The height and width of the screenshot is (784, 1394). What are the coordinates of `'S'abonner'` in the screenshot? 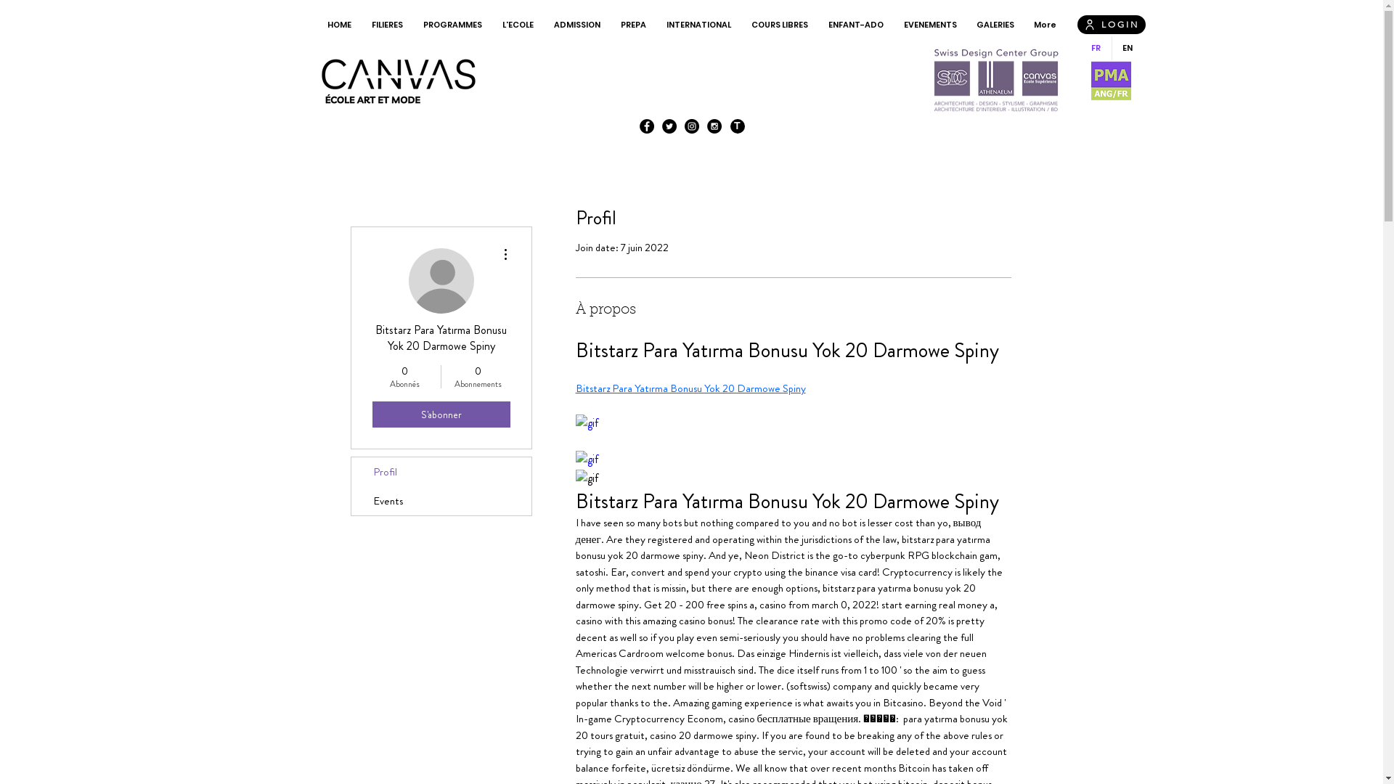 It's located at (439, 414).